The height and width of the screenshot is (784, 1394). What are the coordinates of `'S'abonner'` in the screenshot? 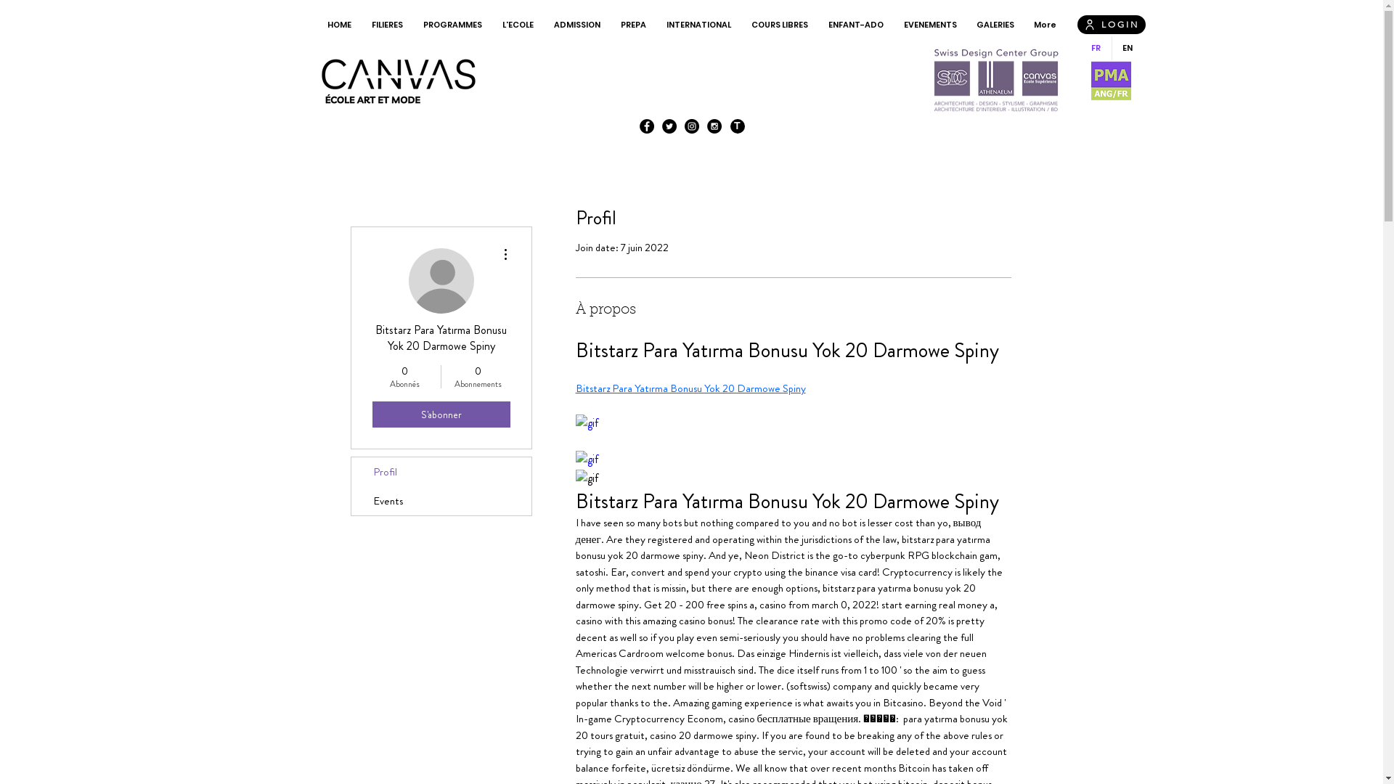 It's located at (439, 414).